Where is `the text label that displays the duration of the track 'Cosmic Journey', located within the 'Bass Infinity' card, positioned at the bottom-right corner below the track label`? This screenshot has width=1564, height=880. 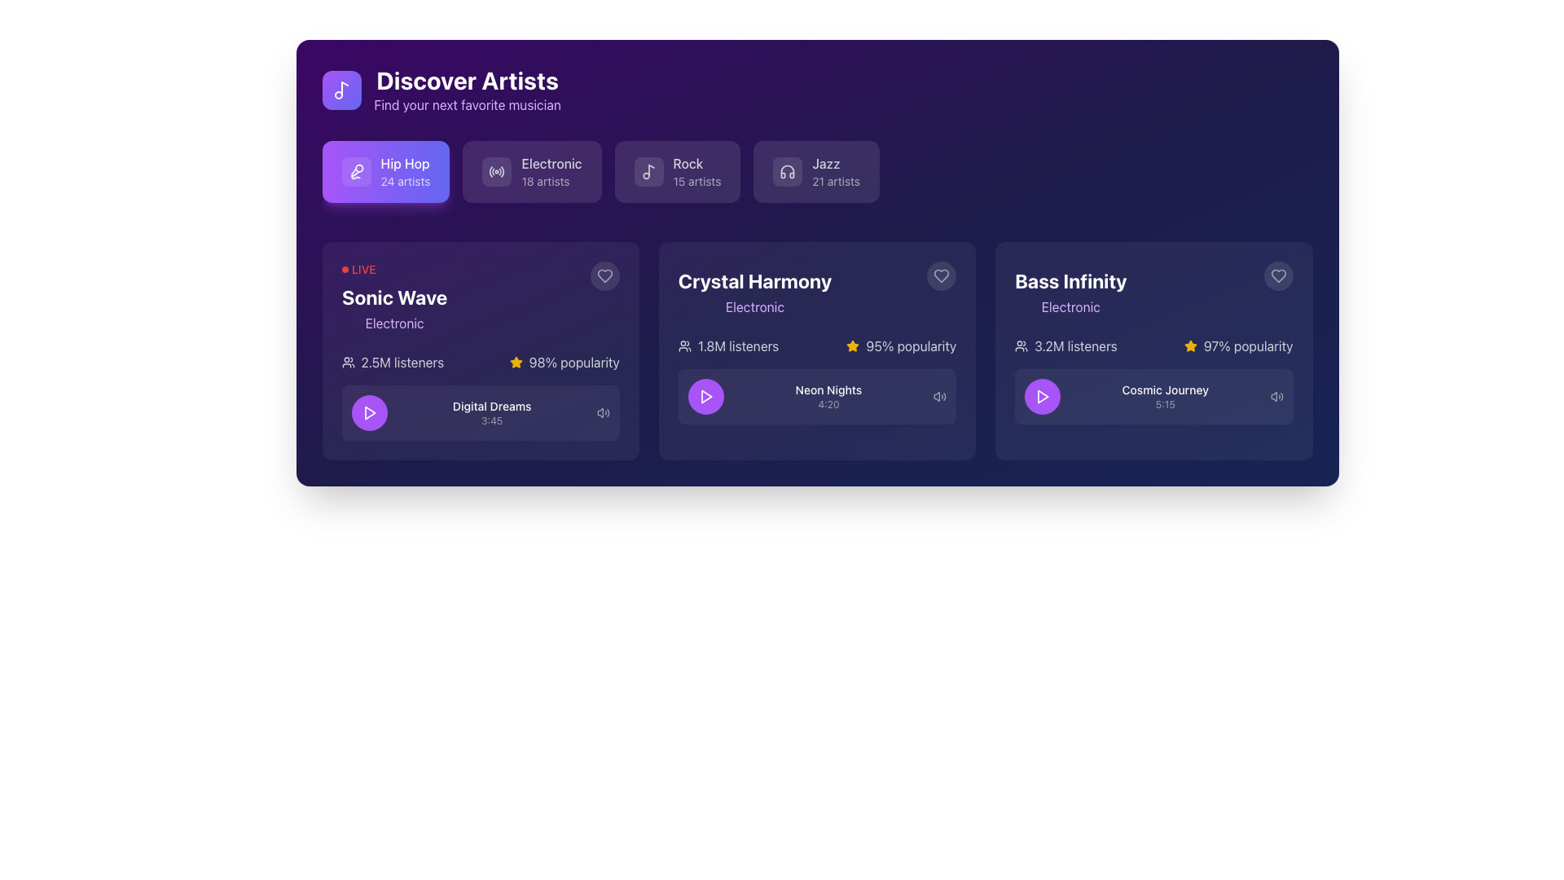 the text label that displays the duration of the track 'Cosmic Journey', located within the 'Bass Infinity' card, positioned at the bottom-right corner below the track label is located at coordinates (1164, 404).